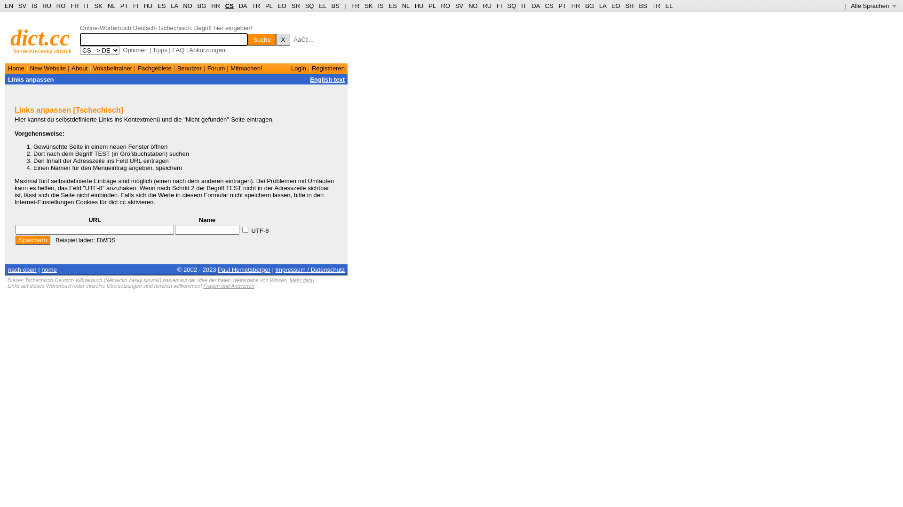  Describe the element at coordinates (16, 68) in the screenshot. I see `'Home'` at that location.